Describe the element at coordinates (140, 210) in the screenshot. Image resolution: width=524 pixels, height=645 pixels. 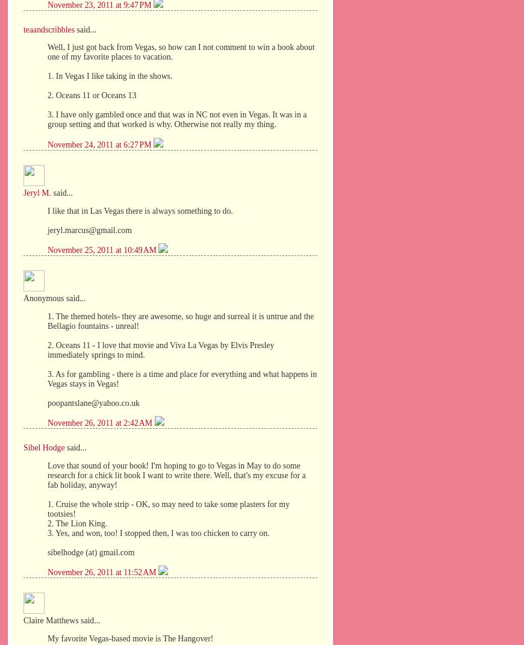
I see `'I like that in Las Vegas there is always something to do.'` at that location.